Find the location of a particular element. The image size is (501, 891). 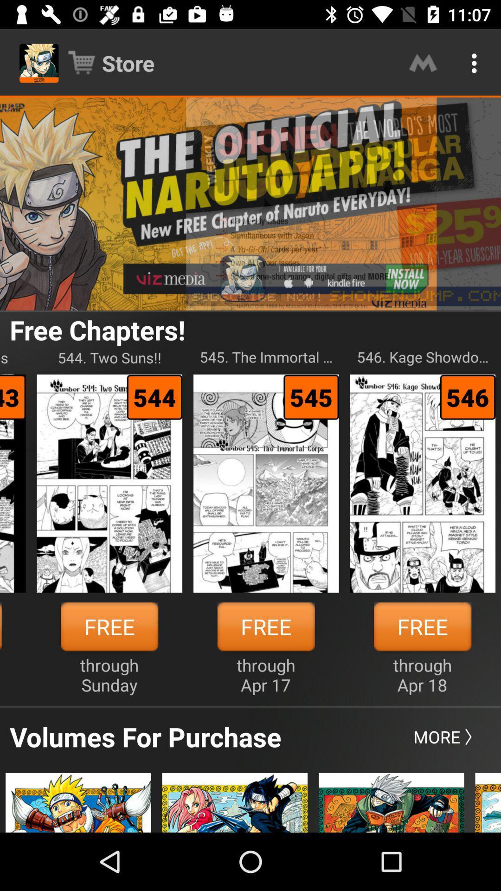

the volumes for purchase is located at coordinates (145, 736).